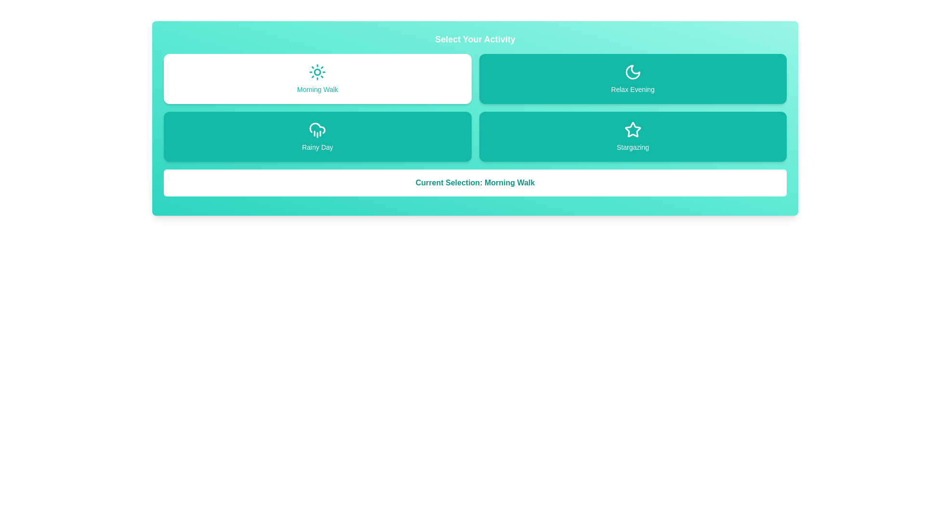 This screenshot has width=925, height=520. Describe the element at coordinates (317, 78) in the screenshot. I see `the activity label text to highlight it` at that location.